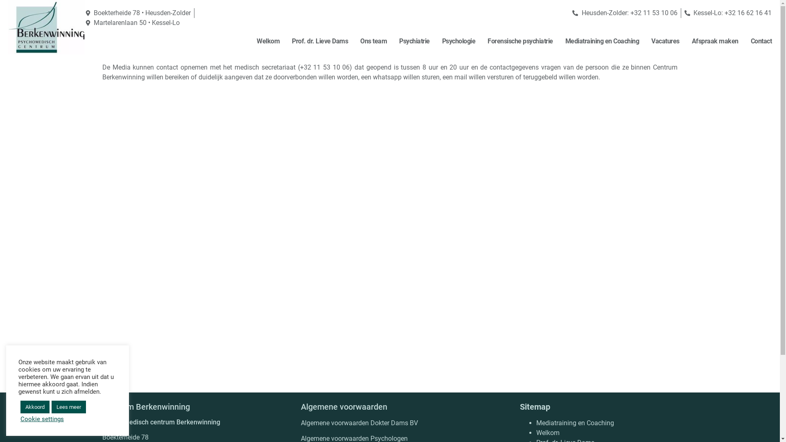 The height and width of the screenshot is (442, 786). What do you see at coordinates (459, 41) in the screenshot?
I see `'Psychologie'` at bounding box center [459, 41].